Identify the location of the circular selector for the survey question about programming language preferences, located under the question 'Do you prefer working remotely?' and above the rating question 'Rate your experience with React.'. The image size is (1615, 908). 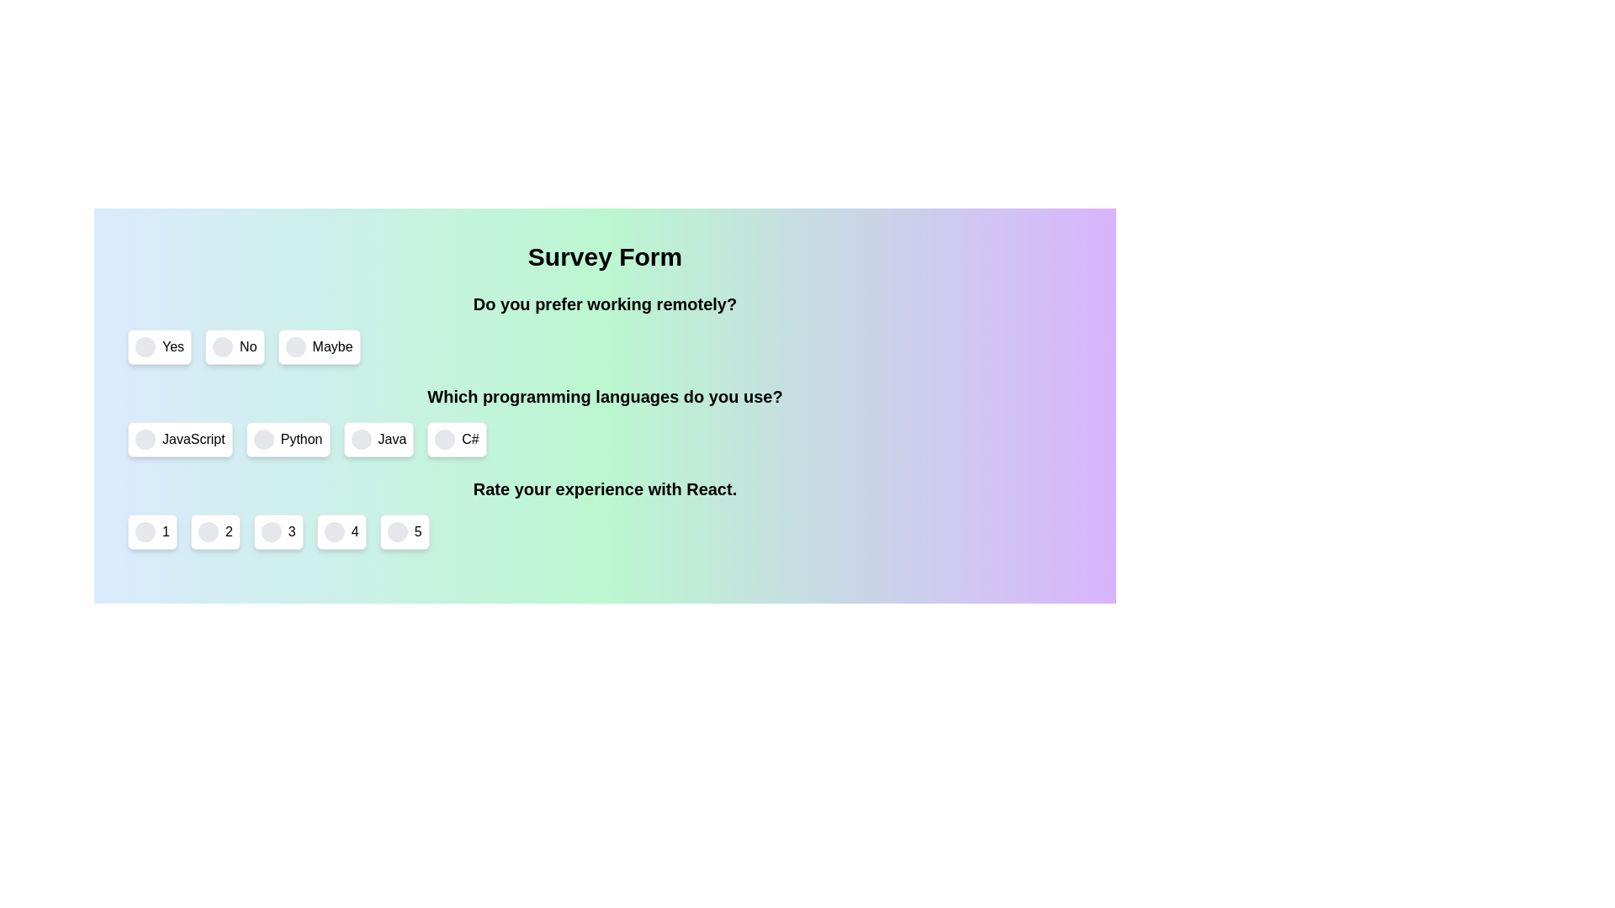
(605, 420).